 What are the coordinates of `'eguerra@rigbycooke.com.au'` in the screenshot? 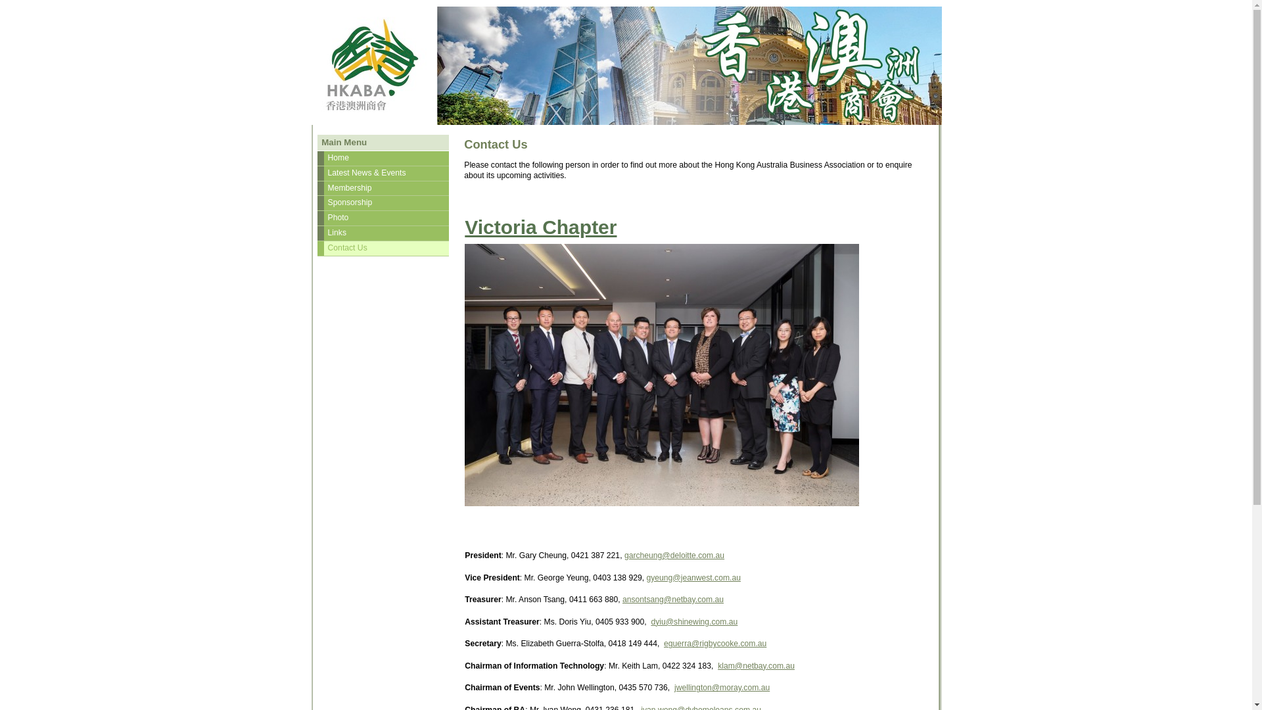 It's located at (714, 643).